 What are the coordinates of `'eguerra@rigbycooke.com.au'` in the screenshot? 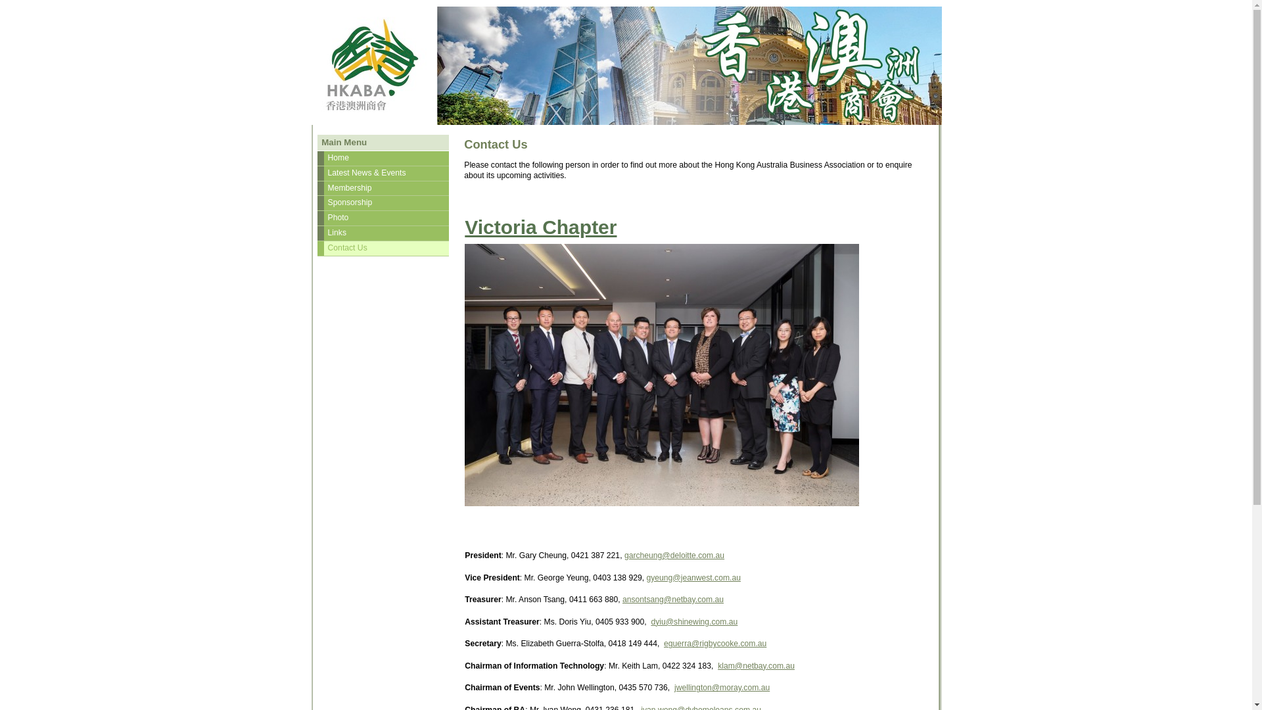 It's located at (714, 643).